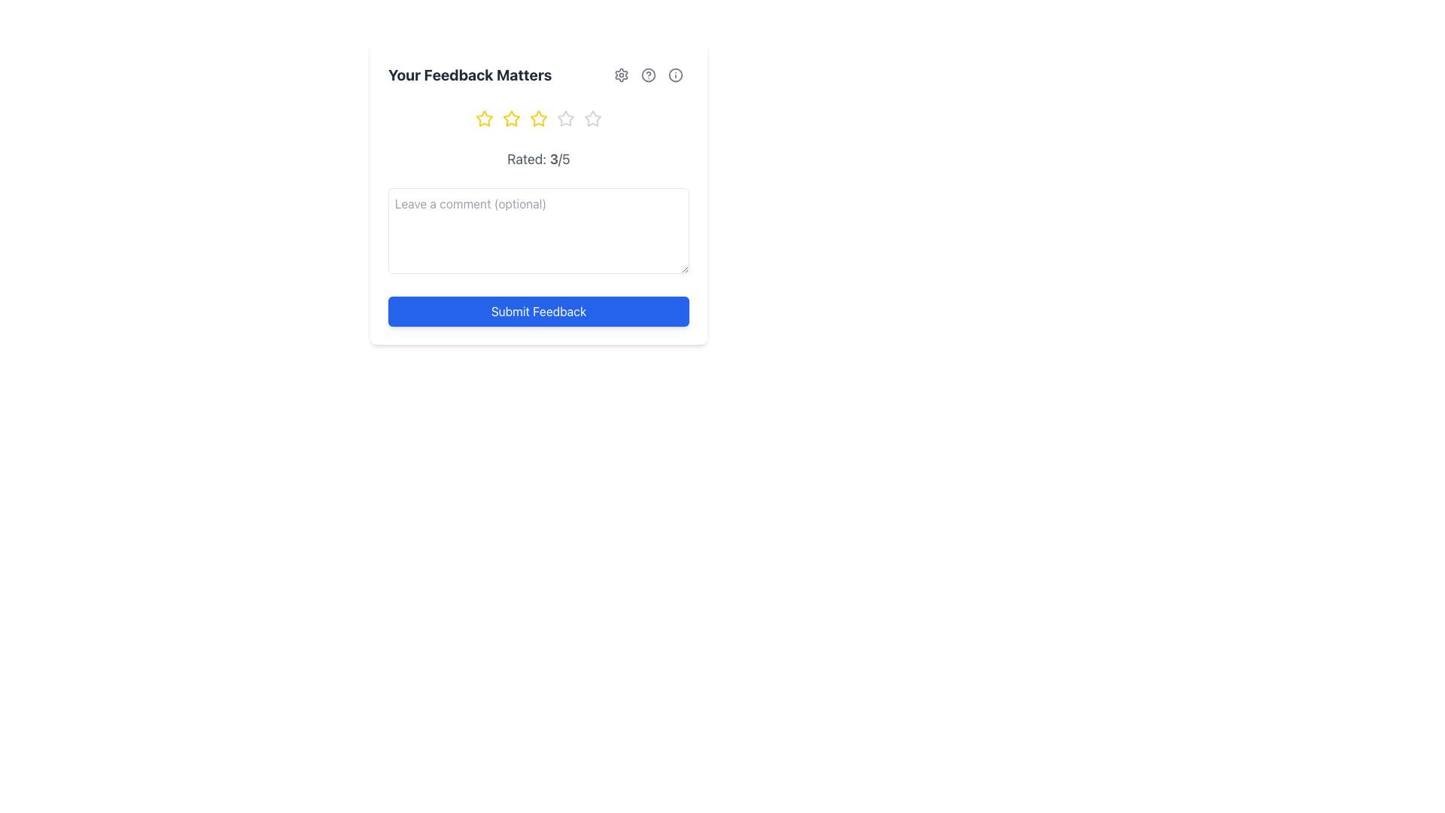 Image resolution: width=1445 pixels, height=813 pixels. What do you see at coordinates (674, 75) in the screenshot?
I see `the SVG Circle that serves as the outer boundary of the 'info' icon located near the upper right of the feedback form` at bounding box center [674, 75].